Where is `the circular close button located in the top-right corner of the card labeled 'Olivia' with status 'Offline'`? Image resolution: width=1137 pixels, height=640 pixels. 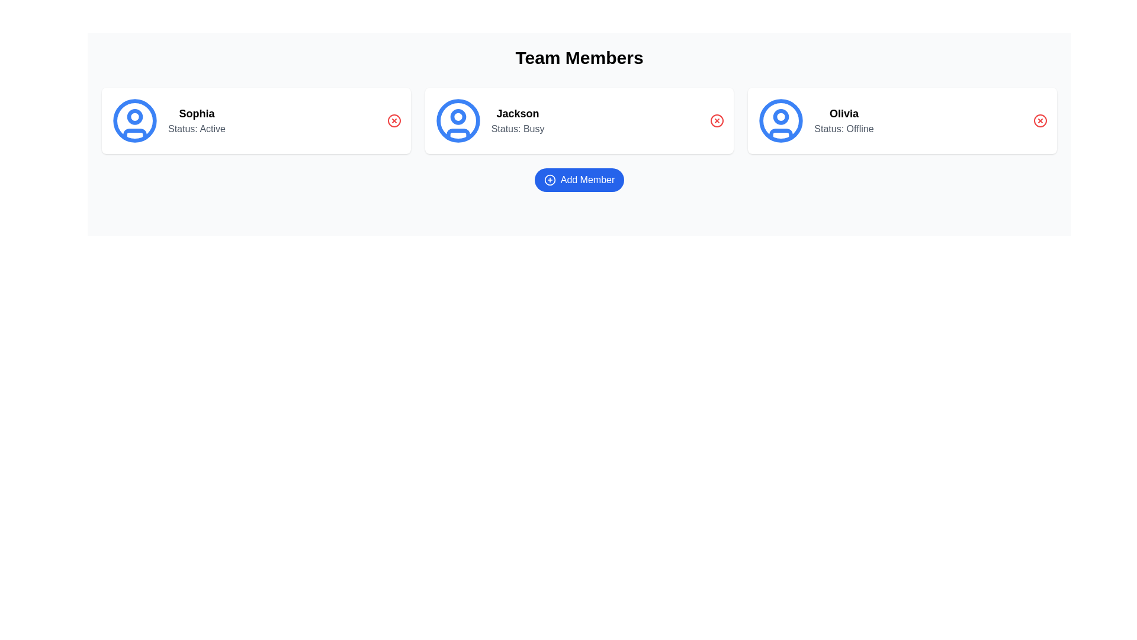
the circular close button located in the top-right corner of the card labeled 'Olivia' with status 'Offline' is located at coordinates (1039, 121).